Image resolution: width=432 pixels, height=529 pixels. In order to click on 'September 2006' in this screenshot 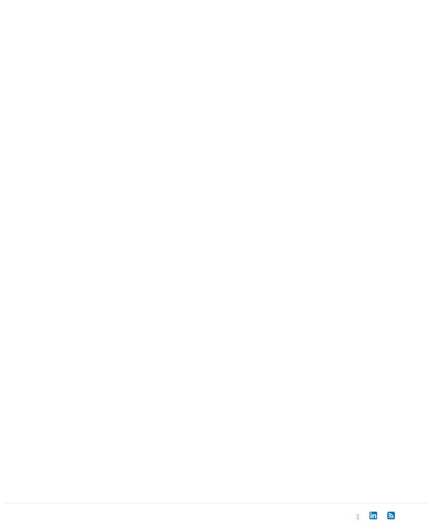, I will do `click(45, 209)`.